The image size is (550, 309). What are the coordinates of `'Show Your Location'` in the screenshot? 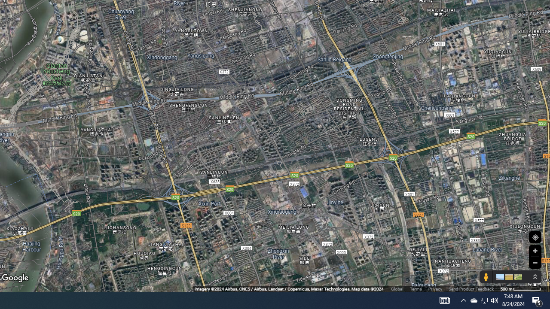 It's located at (535, 237).